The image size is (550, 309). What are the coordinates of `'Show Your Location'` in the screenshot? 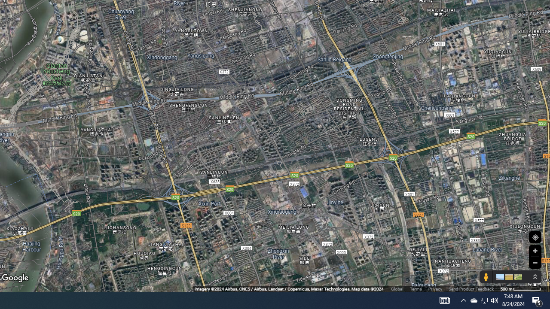 It's located at (535, 237).